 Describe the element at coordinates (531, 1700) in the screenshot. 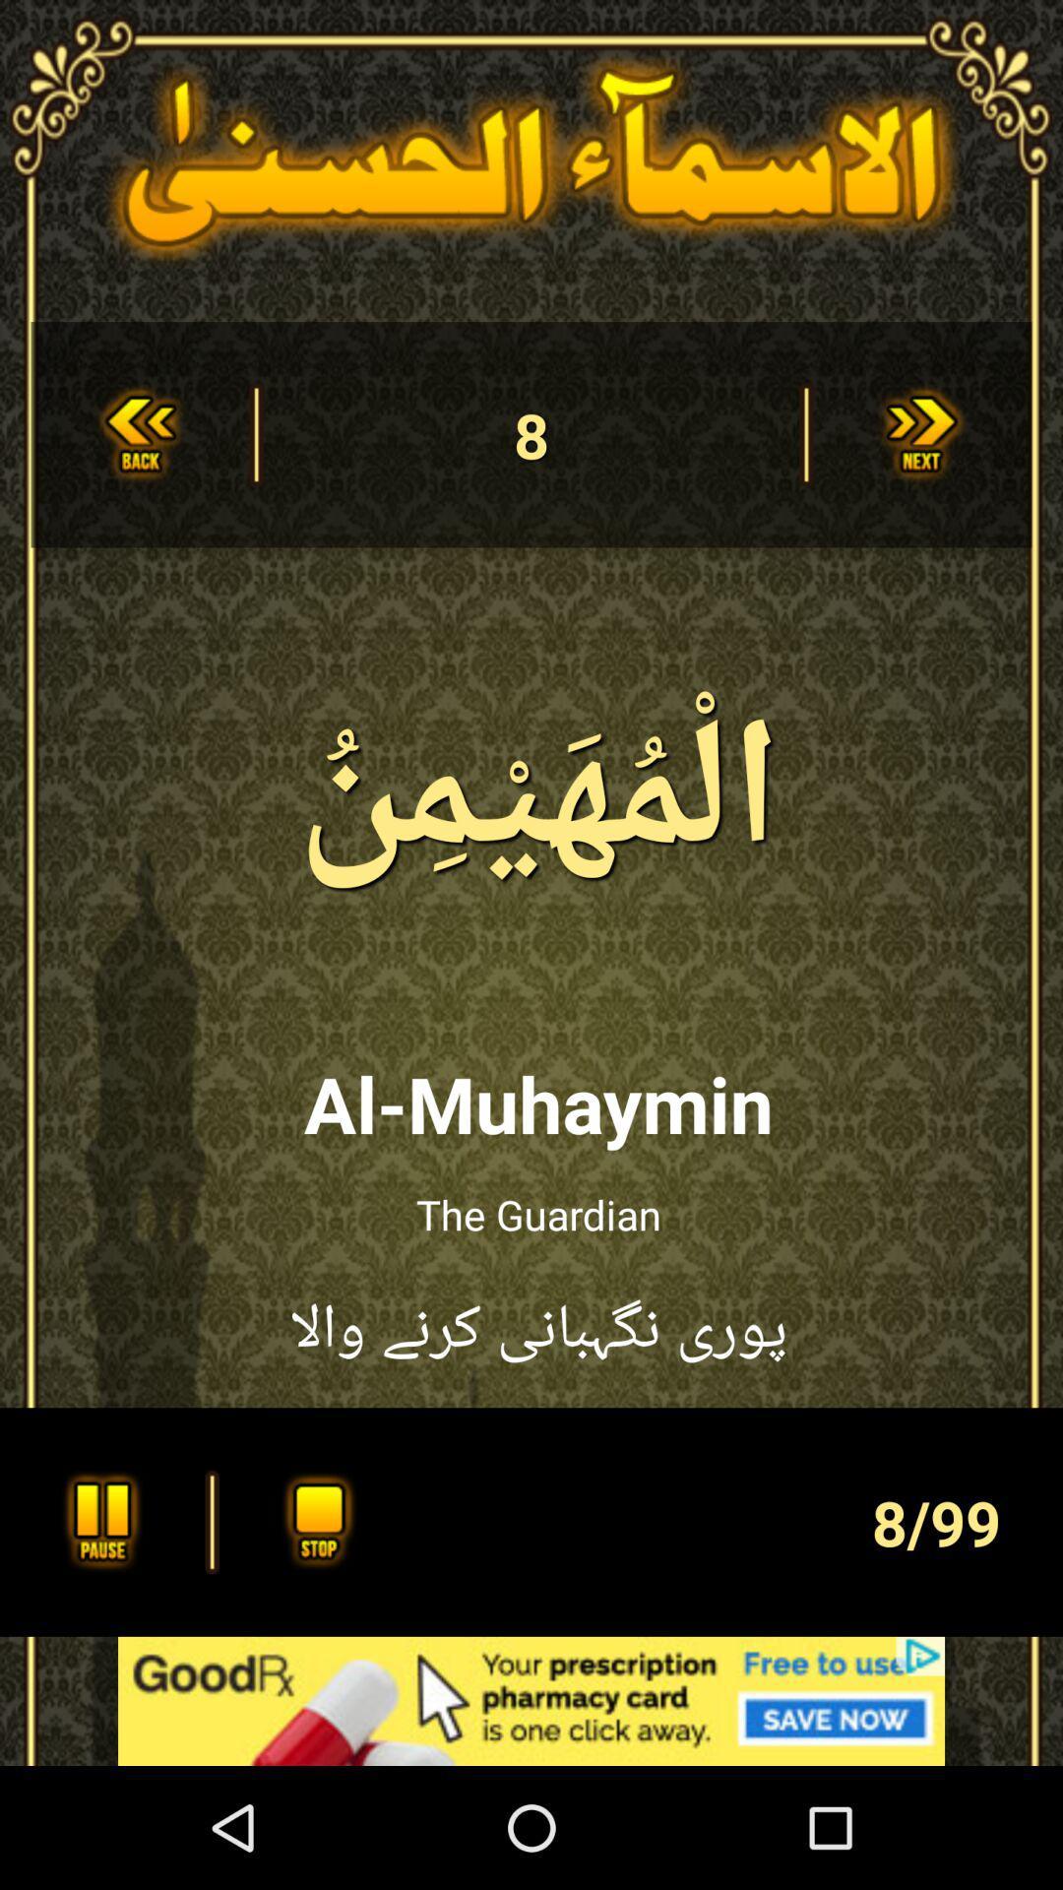

I see `your add` at that location.